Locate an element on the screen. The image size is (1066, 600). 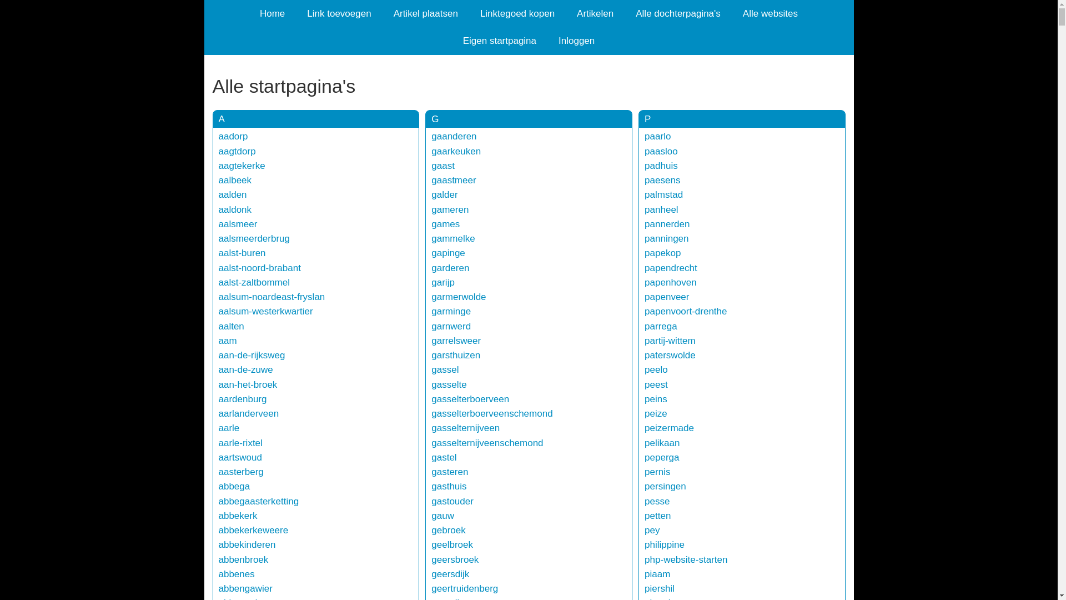
'gasteren' is located at coordinates (450, 472).